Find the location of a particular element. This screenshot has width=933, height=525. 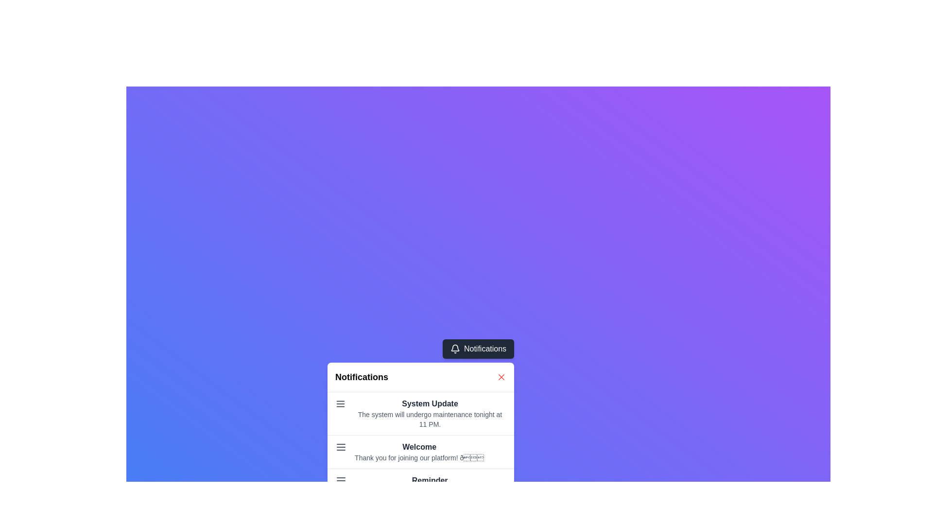

the notification message reminding users of an upcoming meeting scheduled for tomorrow at 10 AM, which is the last notification in the dropdown notification panel is located at coordinates (429, 486).